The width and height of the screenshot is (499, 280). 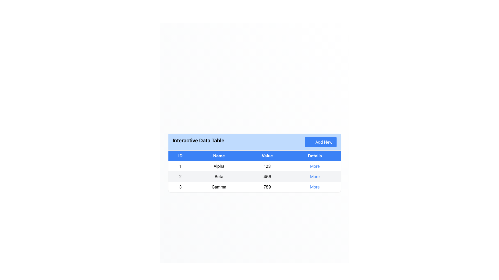 What do you see at coordinates (311, 142) in the screenshot?
I see `the plus sign icon inside the rounded blue button labeled 'Add New' in the top-right corner of the blue header` at bounding box center [311, 142].